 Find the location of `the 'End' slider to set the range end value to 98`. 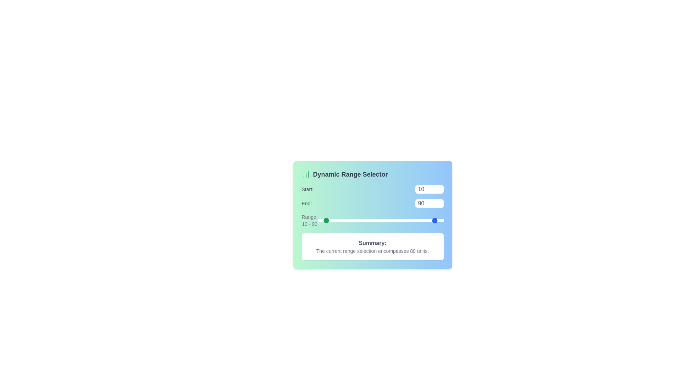

the 'End' slider to set the range end value to 98 is located at coordinates (442, 220).